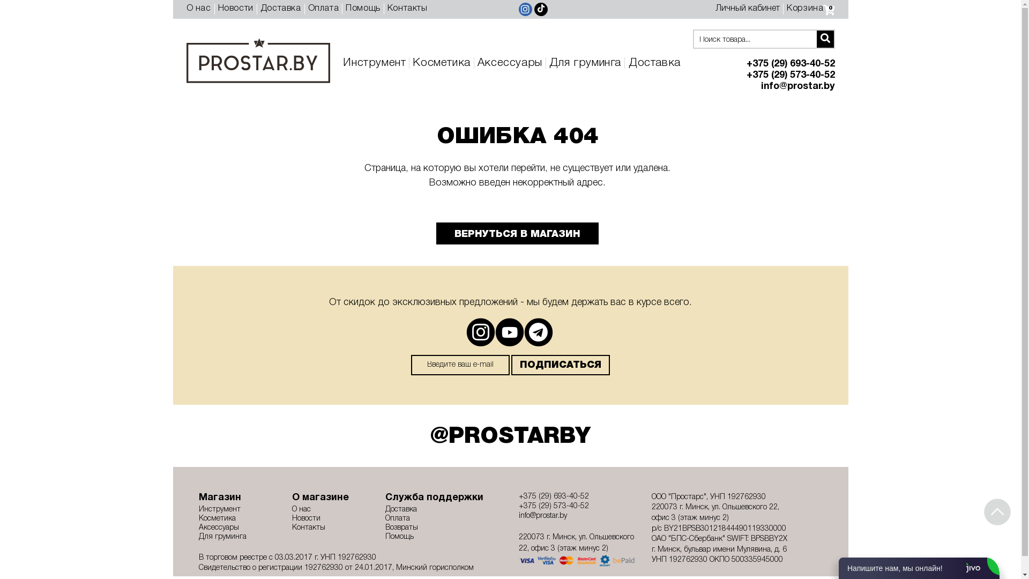  Describe the element at coordinates (577, 507) in the screenshot. I see `'+375 (29) 573-40-52'` at that location.